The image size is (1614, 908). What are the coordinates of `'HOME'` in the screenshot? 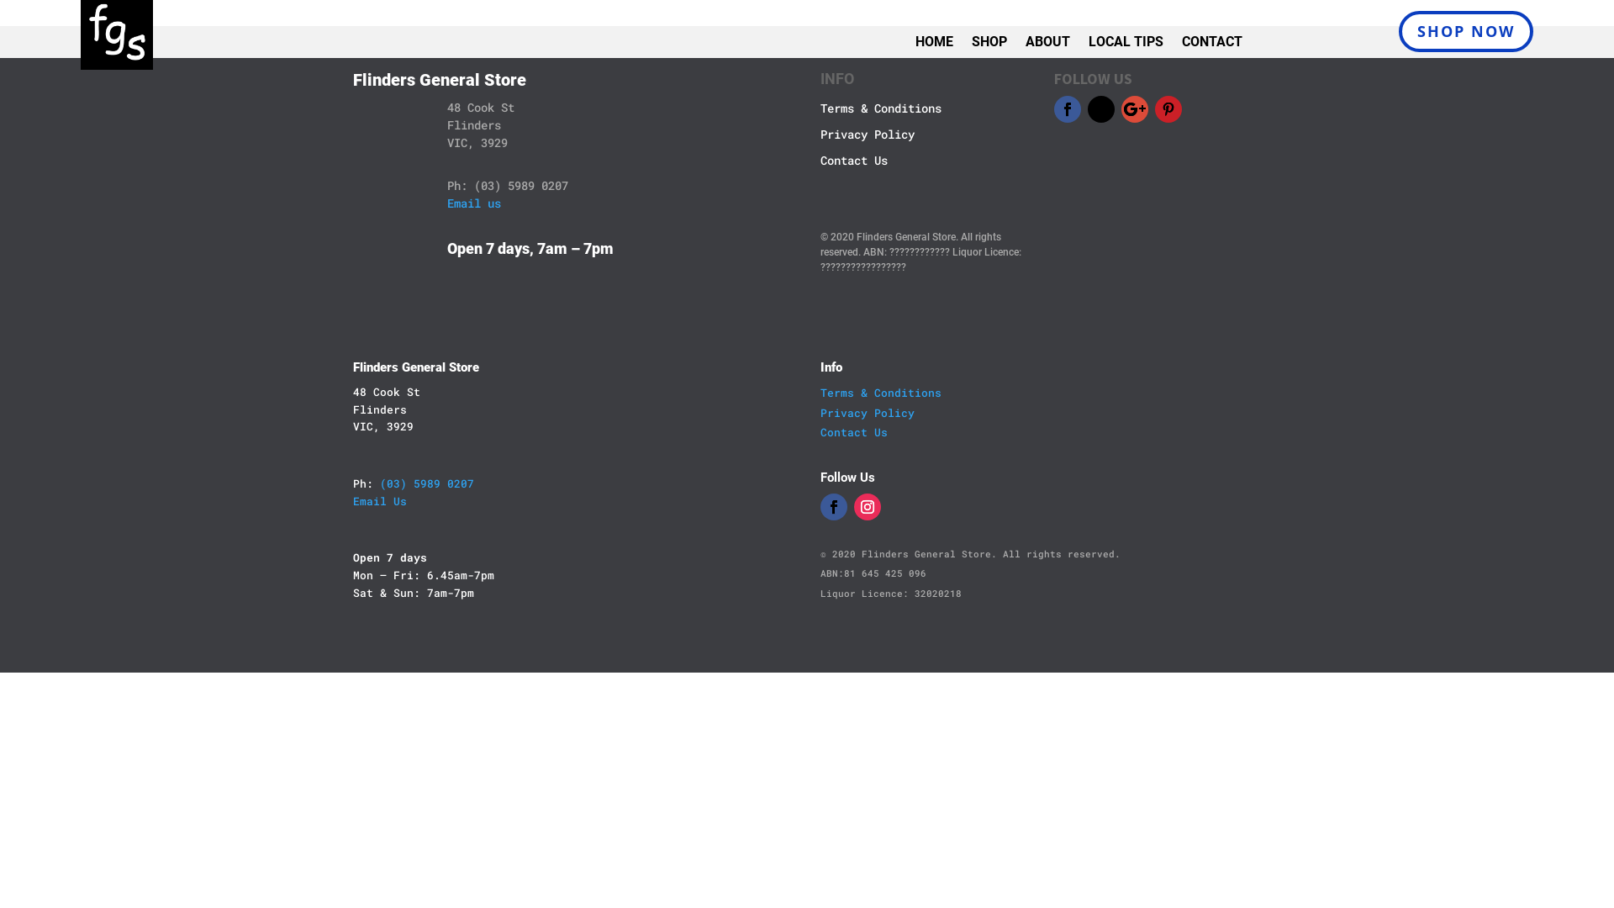 It's located at (933, 45).